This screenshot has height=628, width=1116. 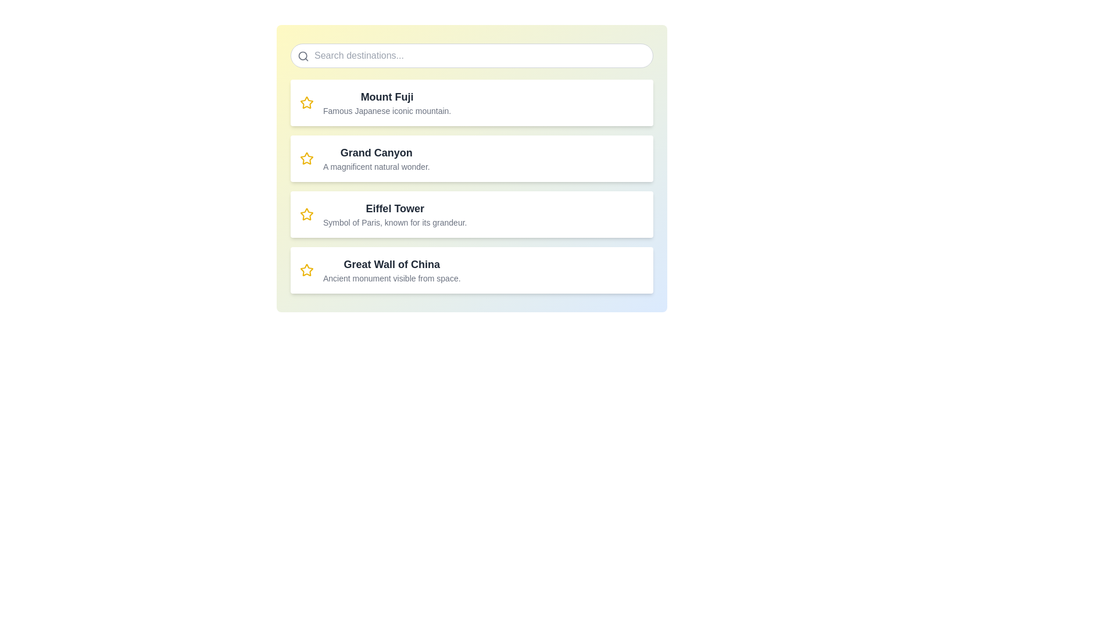 I want to click on descriptive text 'A magnificent natural wonder.' located underneath the title 'Grand Canyon' in the second list item of a vertical list of destinations, so click(x=376, y=166).